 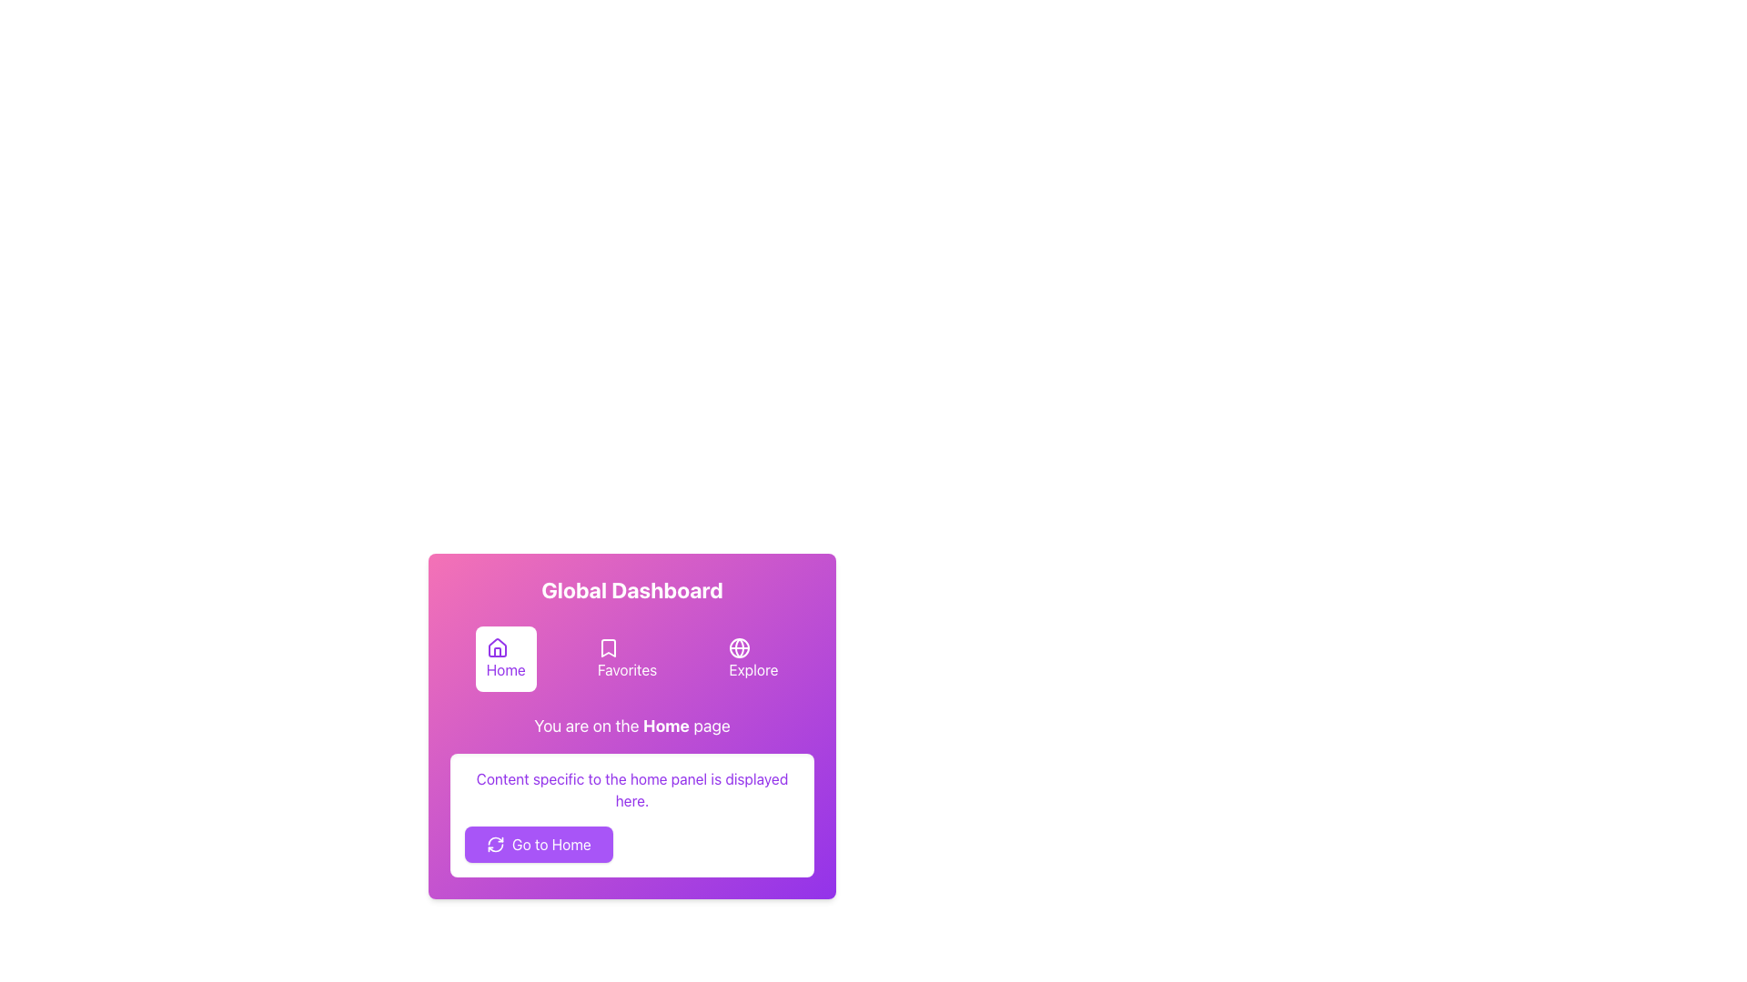 I want to click on the 'Favorites' text label, which is displayed in white font against a purple background, so click(x=627, y=669).